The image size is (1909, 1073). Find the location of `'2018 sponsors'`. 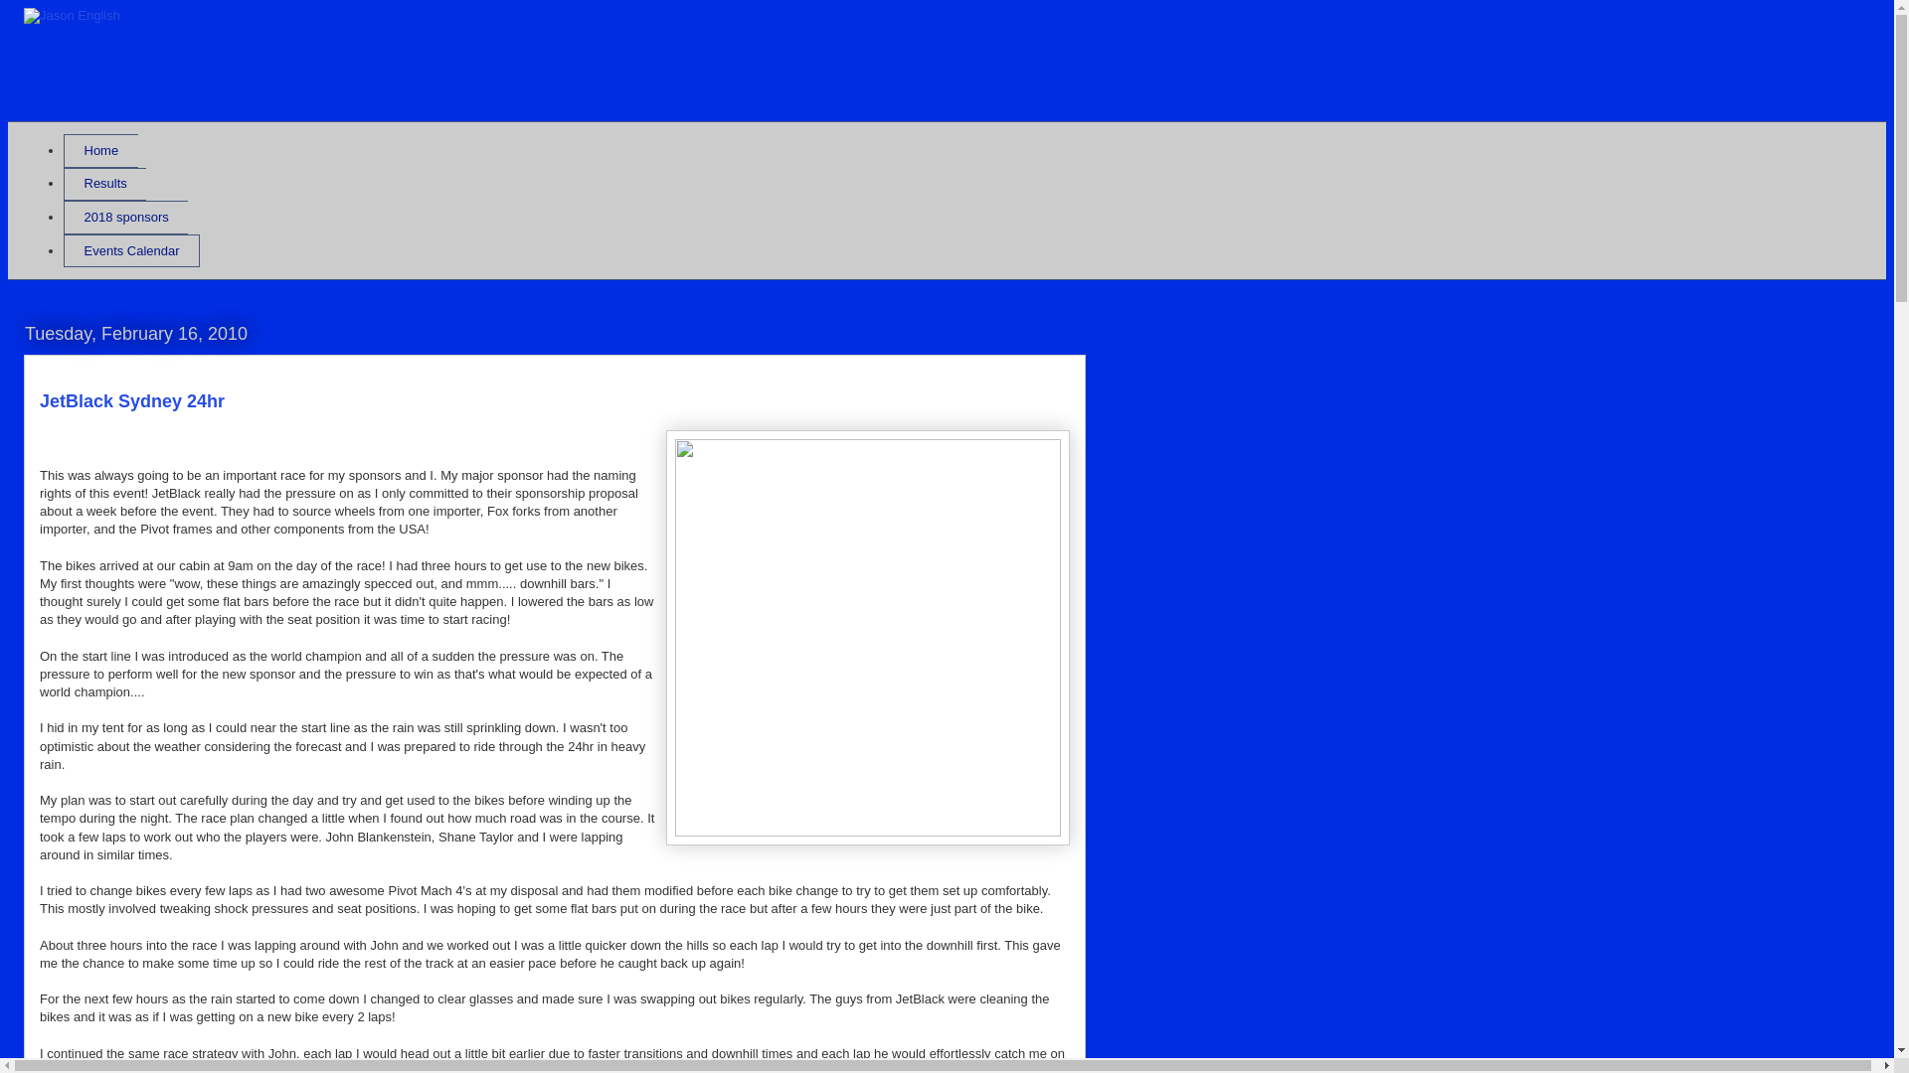

'2018 sponsors' is located at coordinates (124, 218).